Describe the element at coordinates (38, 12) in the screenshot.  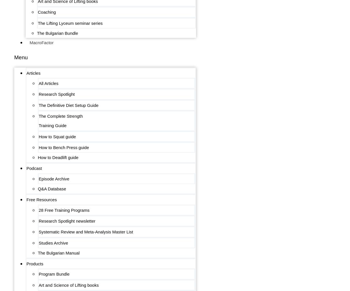
I see `'Coaching'` at that location.